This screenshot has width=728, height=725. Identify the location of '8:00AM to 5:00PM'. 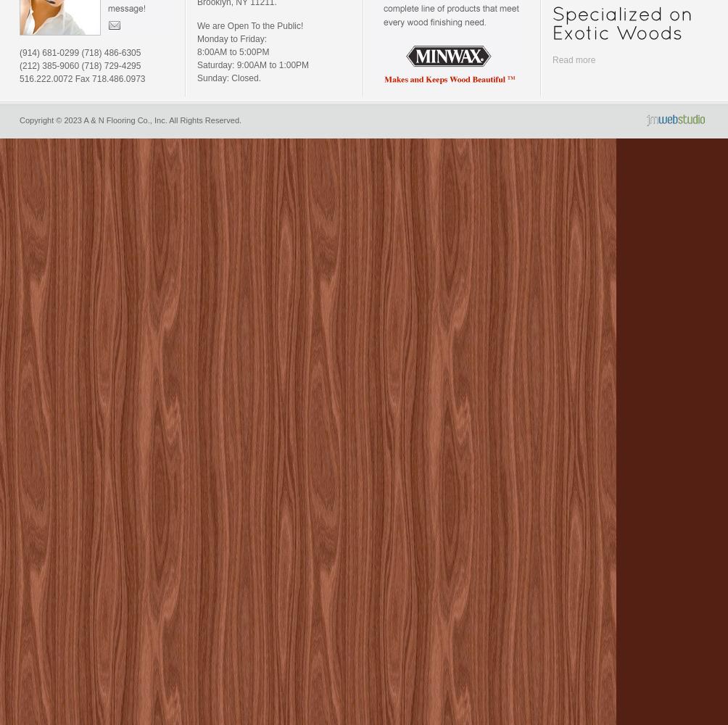
(233, 51).